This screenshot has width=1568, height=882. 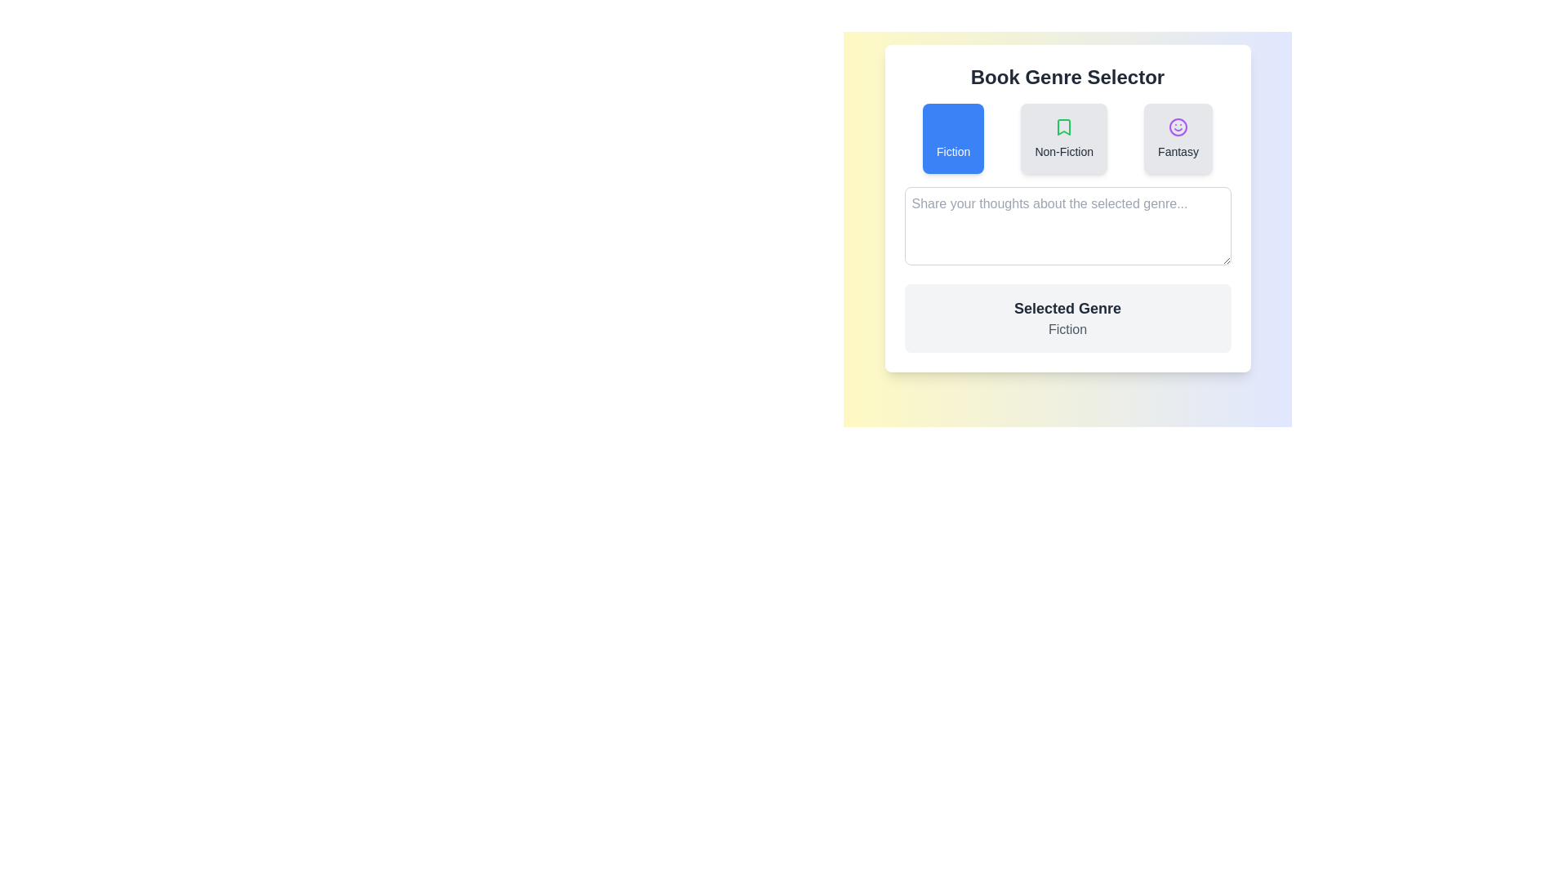 I want to click on the circular Icon decoration with a purple outline, which is part of the colorful smiley face icon located in the upper-right corner of the 'Fantasy' button within the 'Book Genre Selector' card component, so click(x=1178, y=126).